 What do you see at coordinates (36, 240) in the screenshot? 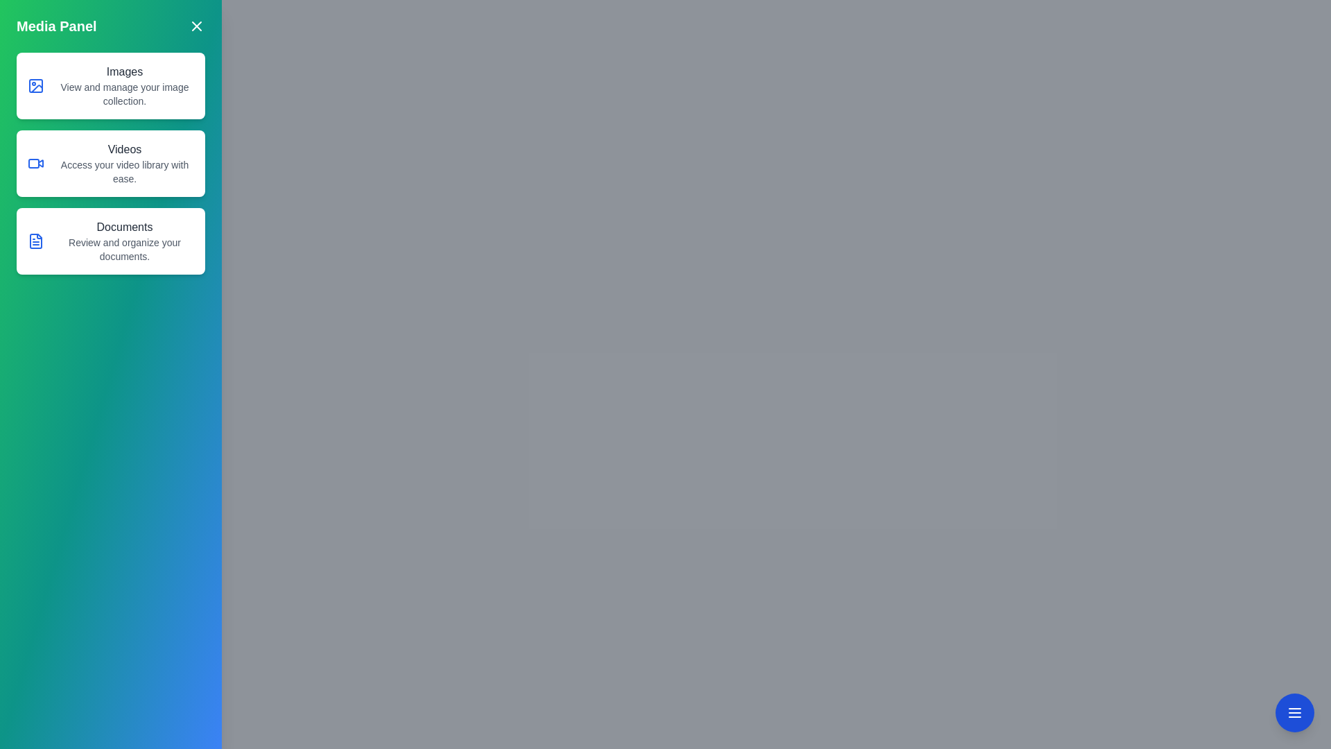
I see `the document icon located in the 'Documents' section, which is represented by a rectangular shape with a folded corner on the top right, positioned to the left of the section's descriptive text` at bounding box center [36, 240].